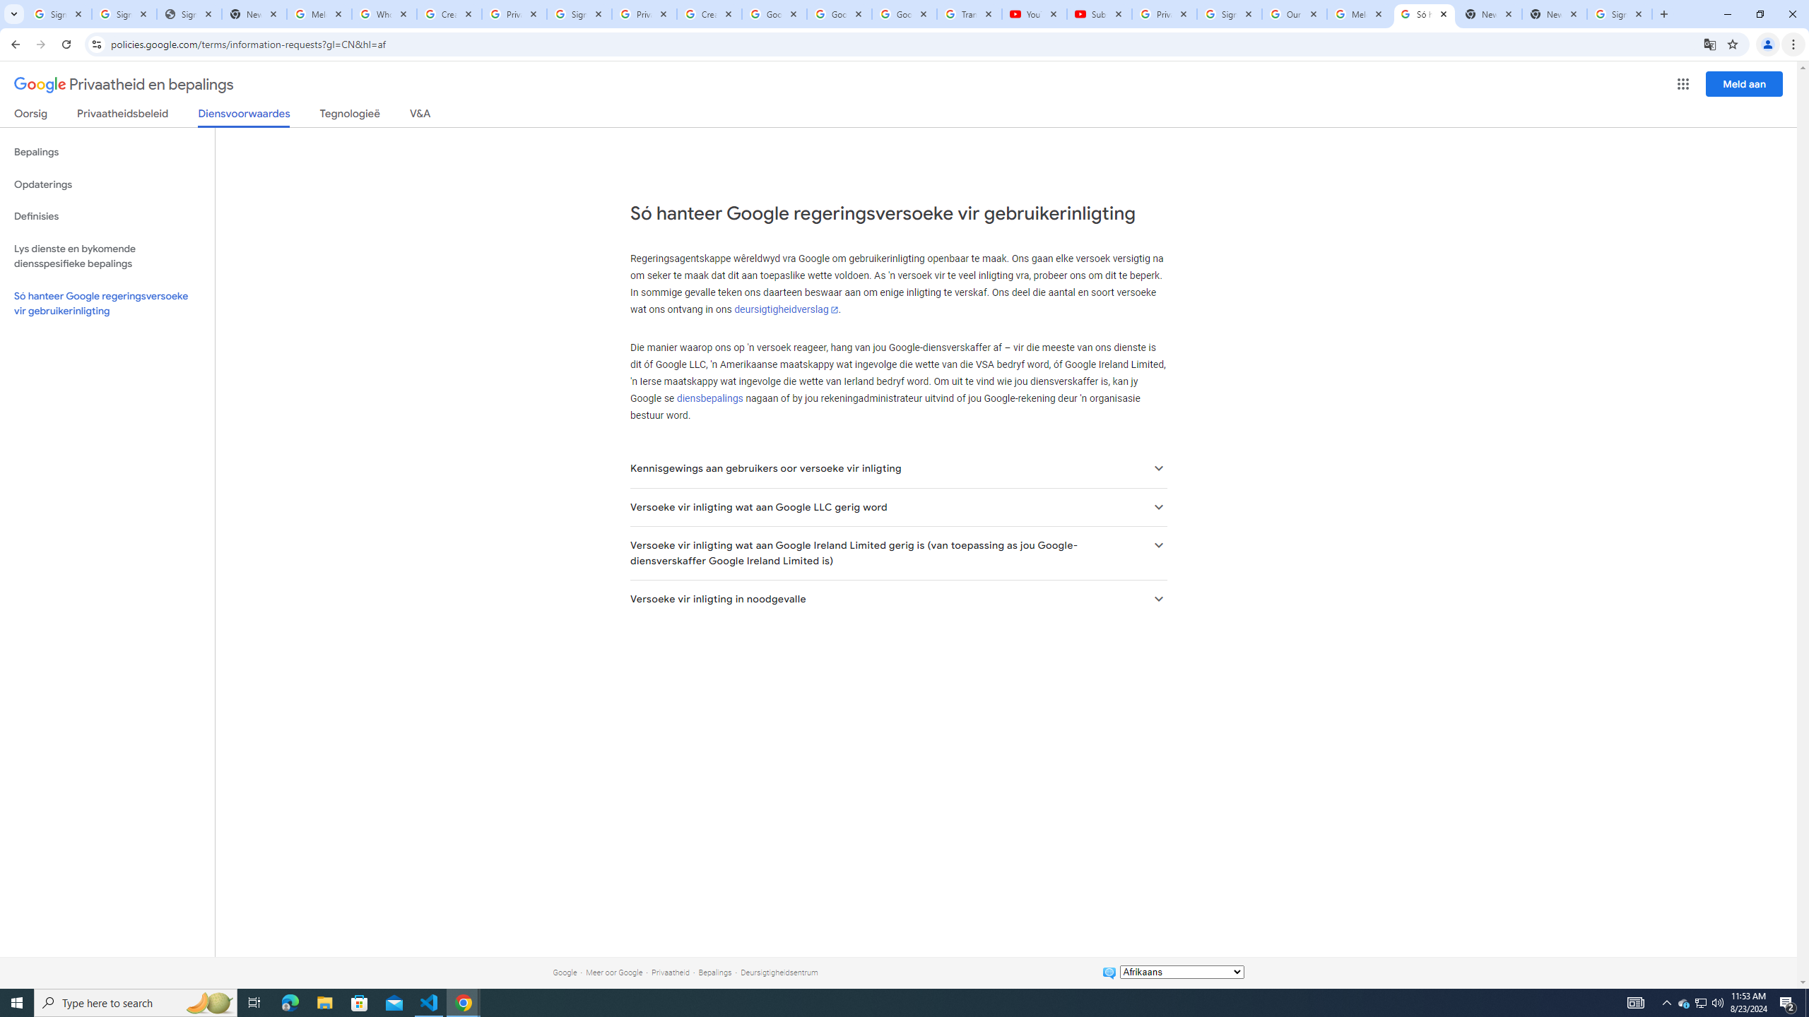  What do you see at coordinates (1619, 13) in the screenshot?
I see `'Sign in - Google Accounts'` at bounding box center [1619, 13].